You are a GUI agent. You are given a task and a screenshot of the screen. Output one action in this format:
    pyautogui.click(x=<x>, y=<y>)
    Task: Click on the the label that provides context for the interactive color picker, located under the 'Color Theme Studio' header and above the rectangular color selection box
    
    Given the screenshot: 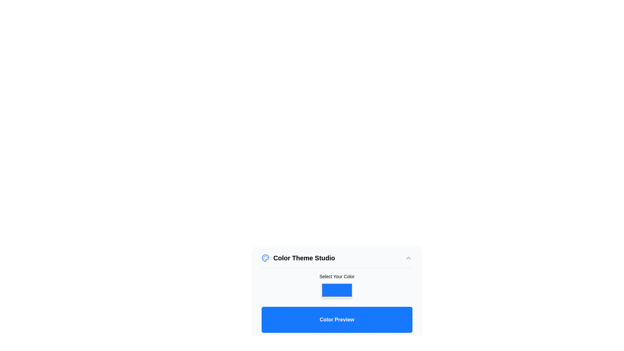 What is the action you would take?
    pyautogui.click(x=337, y=277)
    